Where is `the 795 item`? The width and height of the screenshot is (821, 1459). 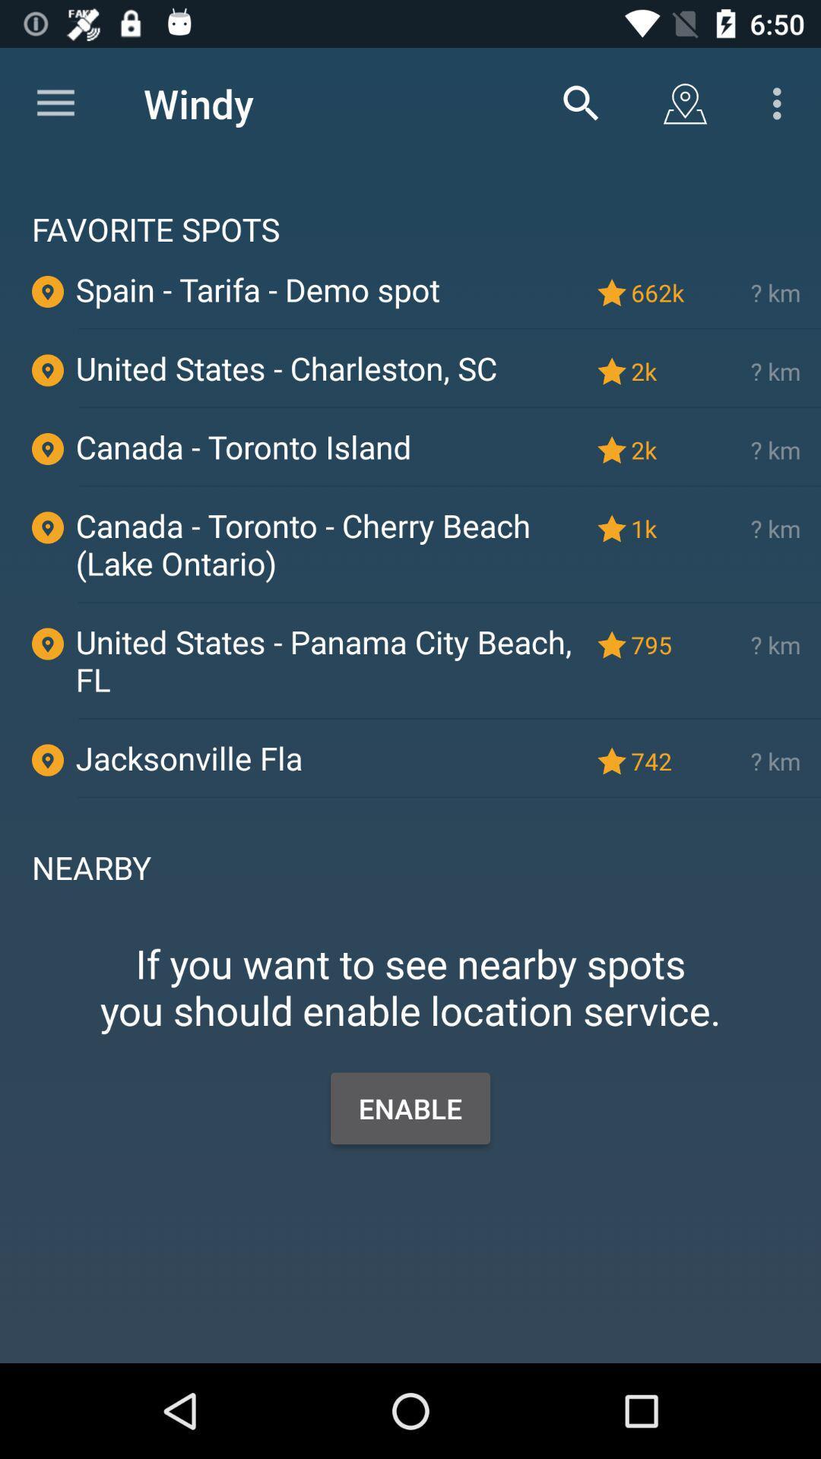 the 795 item is located at coordinates (660, 644).